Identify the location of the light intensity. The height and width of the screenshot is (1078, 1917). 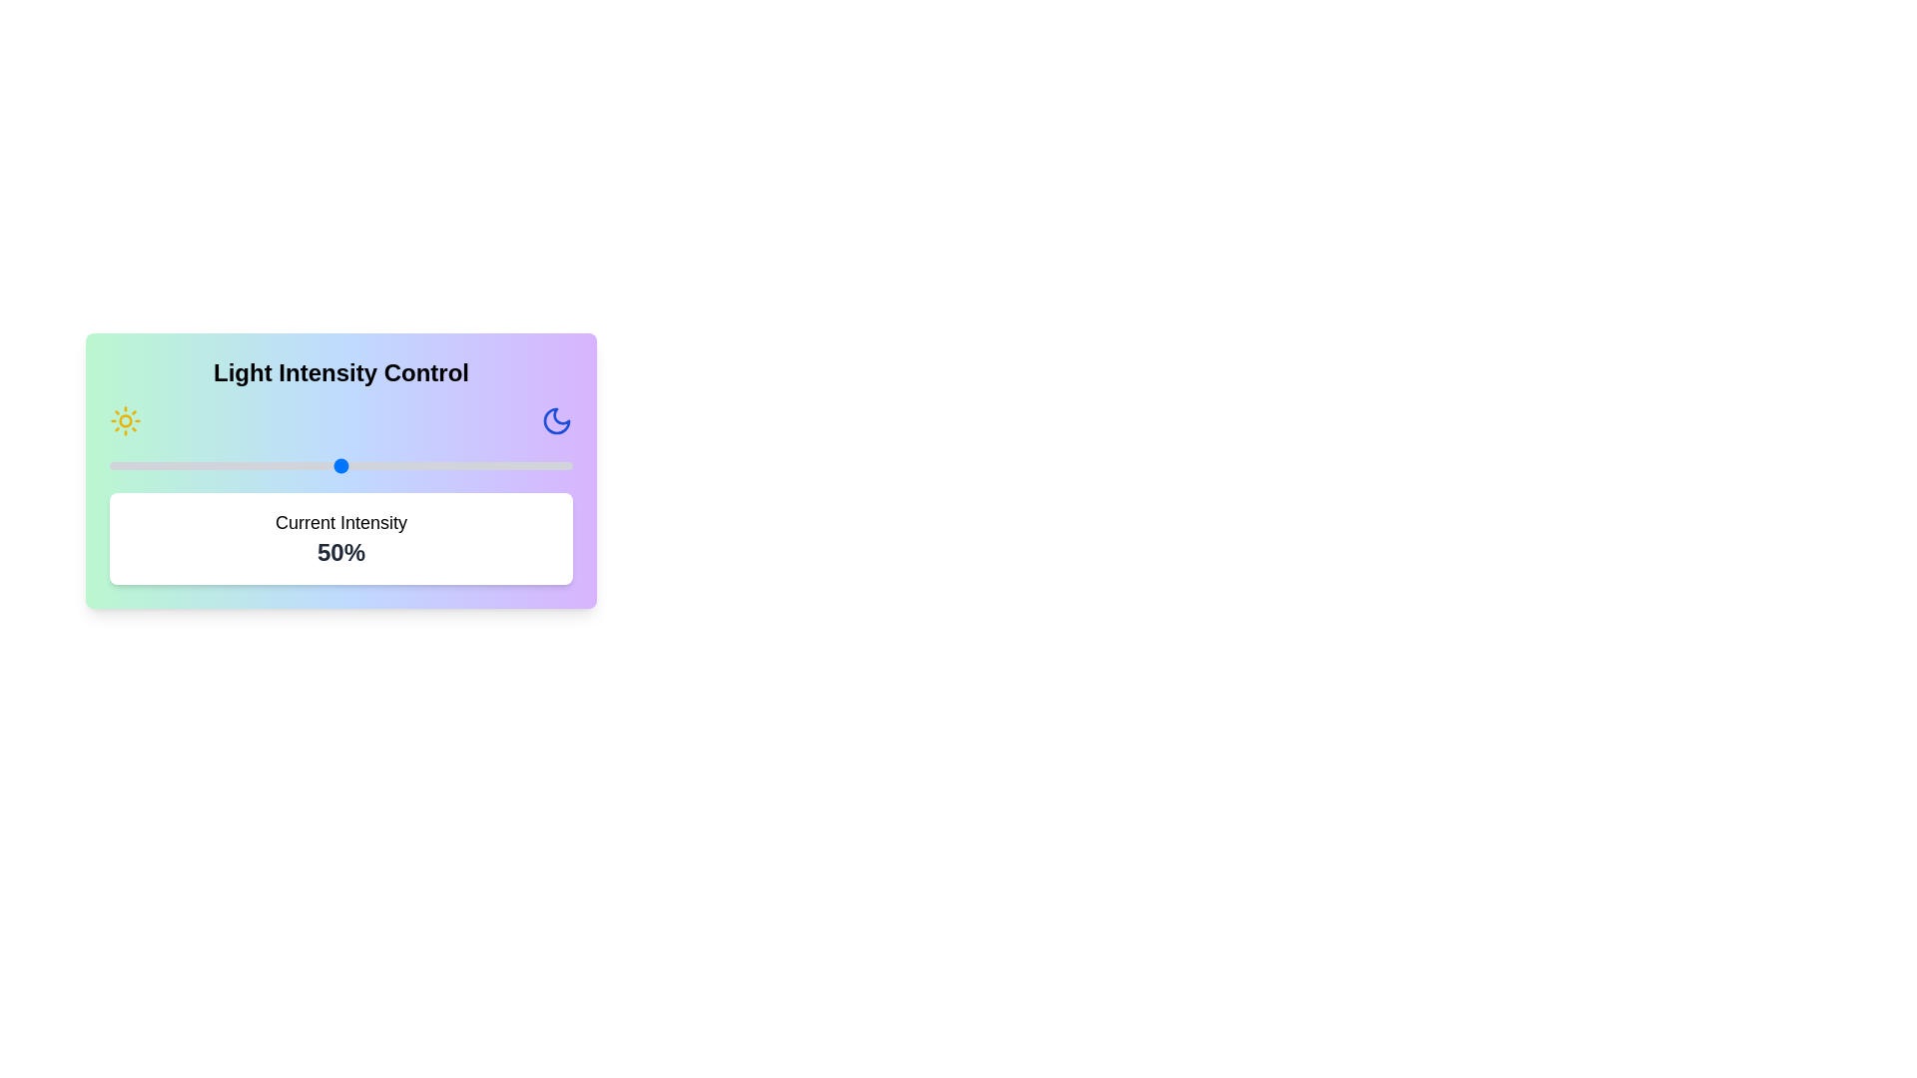
(271, 465).